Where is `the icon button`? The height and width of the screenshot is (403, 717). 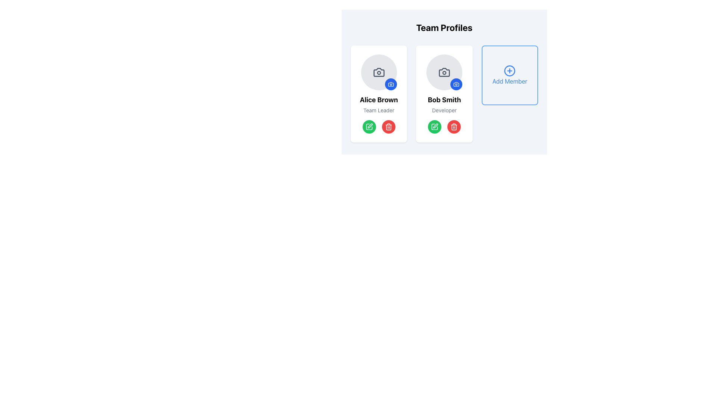
the icon button is located at coordinates (456, 84).